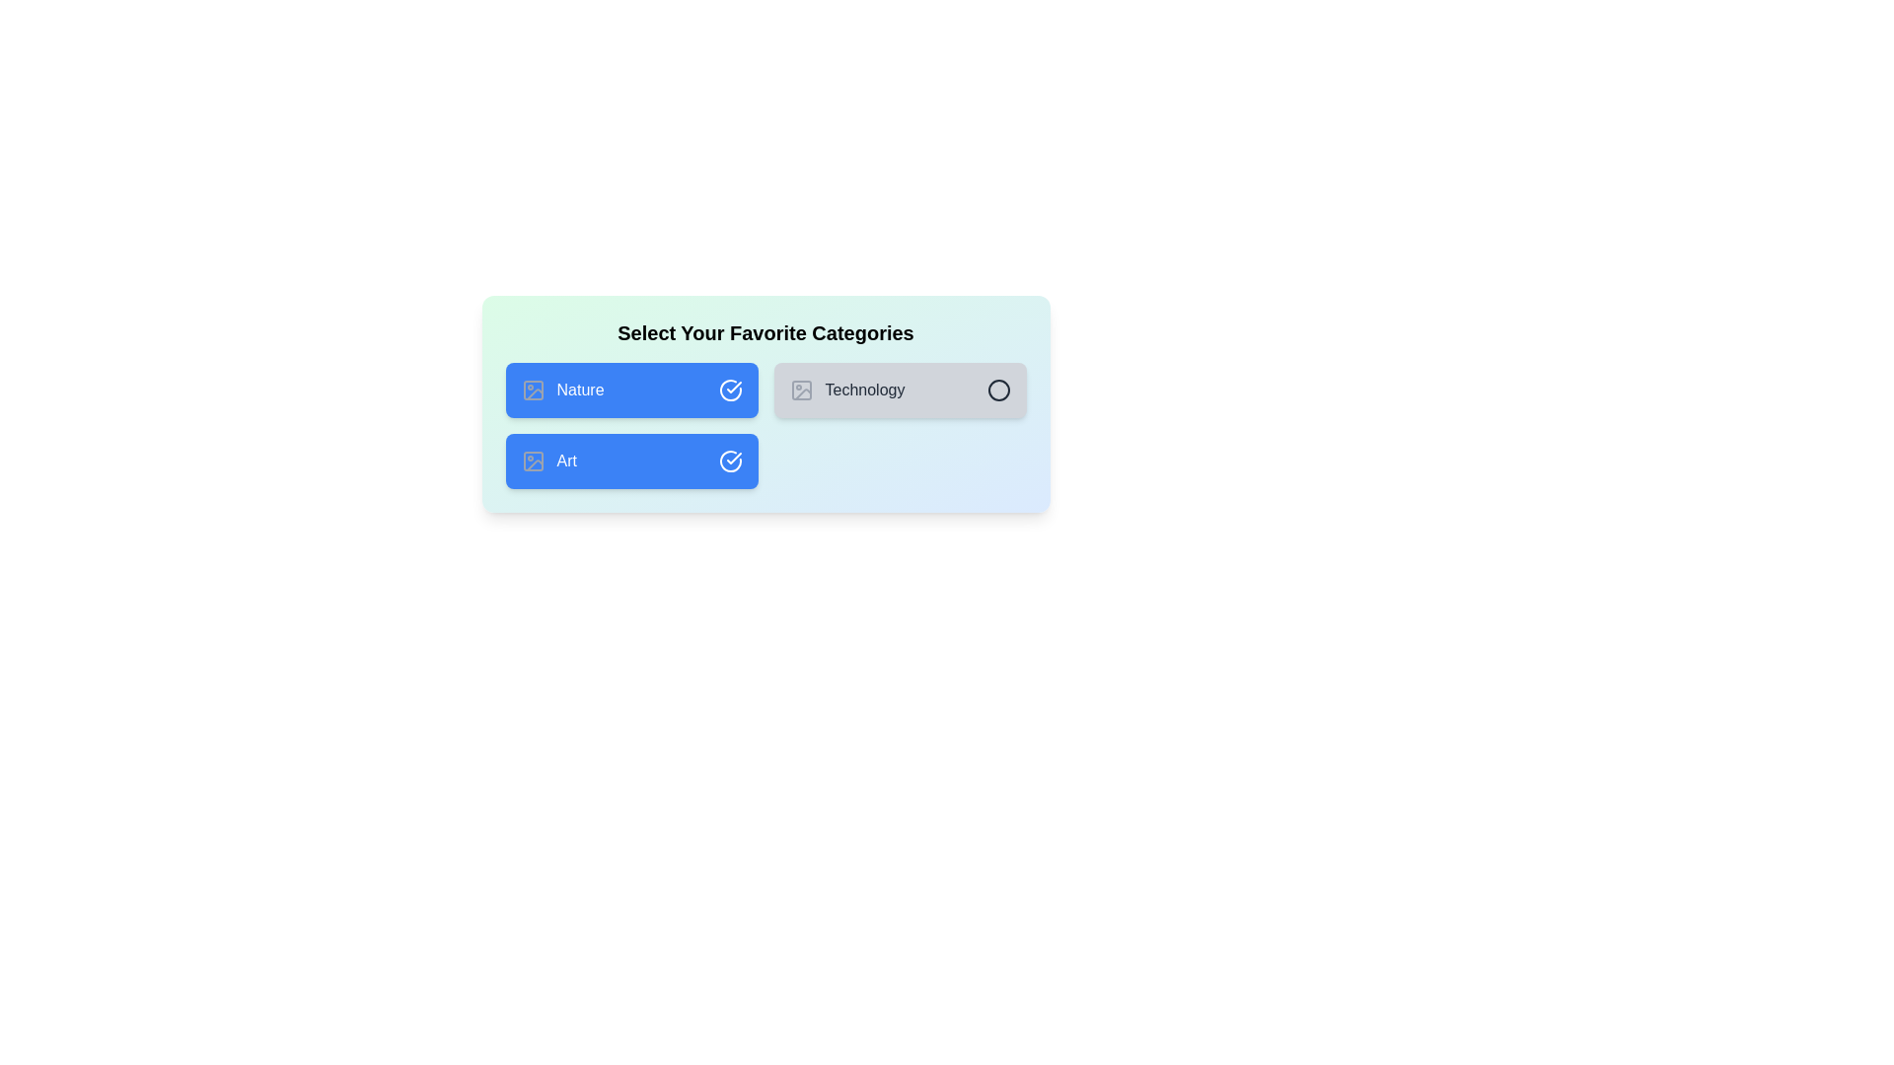  Describe the element at coordinates (631, 390) in the screenshot. I see `the category Nature to observe the hover effect` at that location.